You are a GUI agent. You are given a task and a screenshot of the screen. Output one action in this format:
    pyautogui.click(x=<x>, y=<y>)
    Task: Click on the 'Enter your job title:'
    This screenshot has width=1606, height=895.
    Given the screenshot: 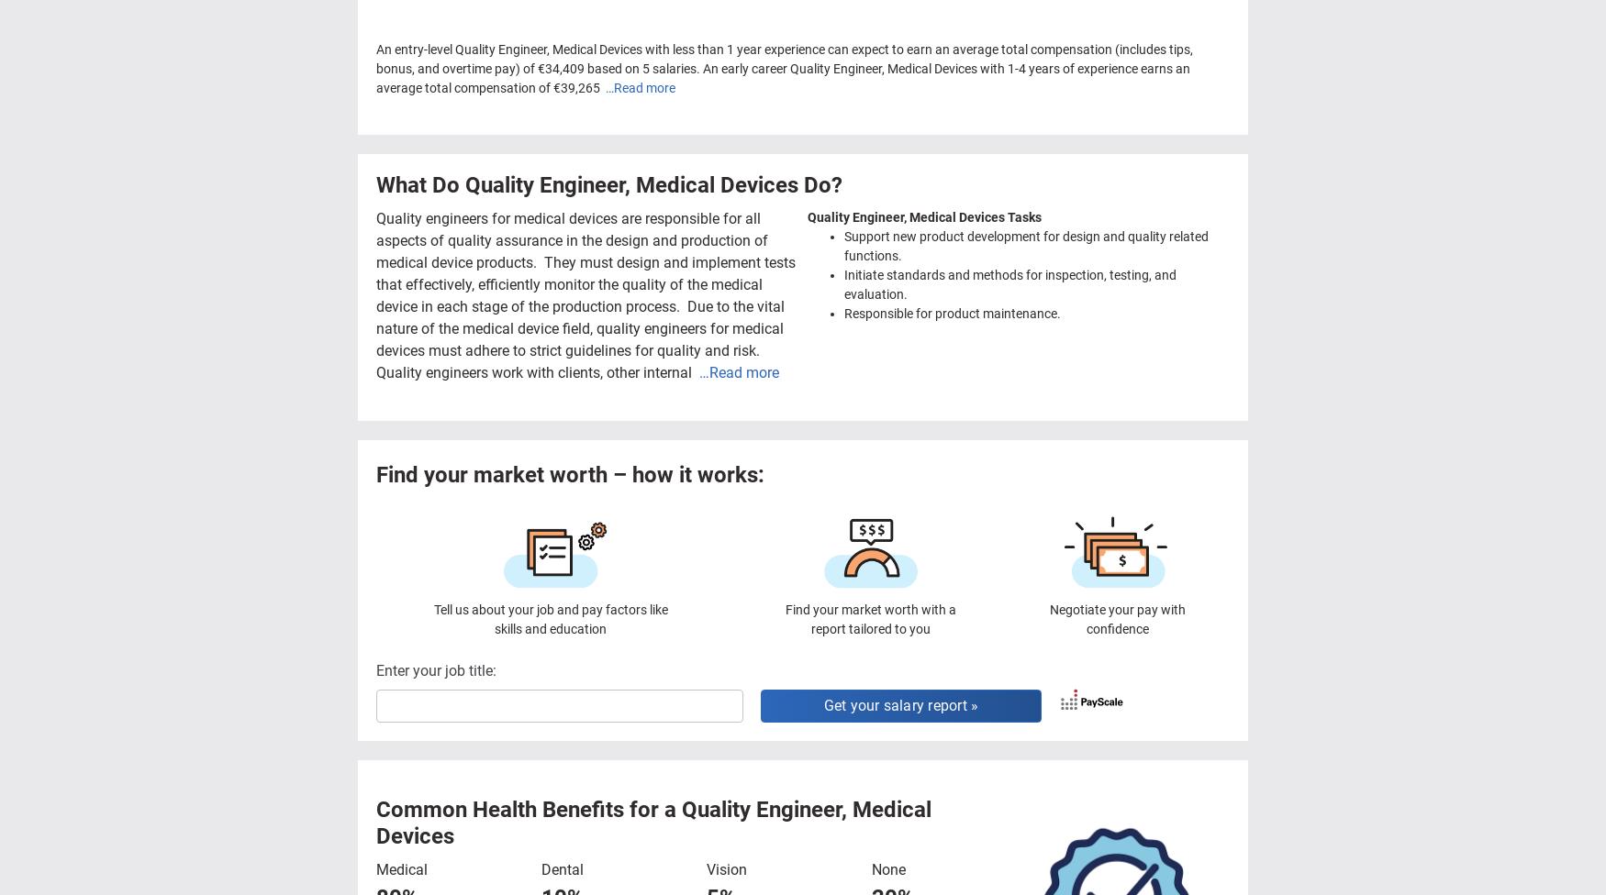 What is the action you would take?
    pyautogui.click(x=436, y=668)
    